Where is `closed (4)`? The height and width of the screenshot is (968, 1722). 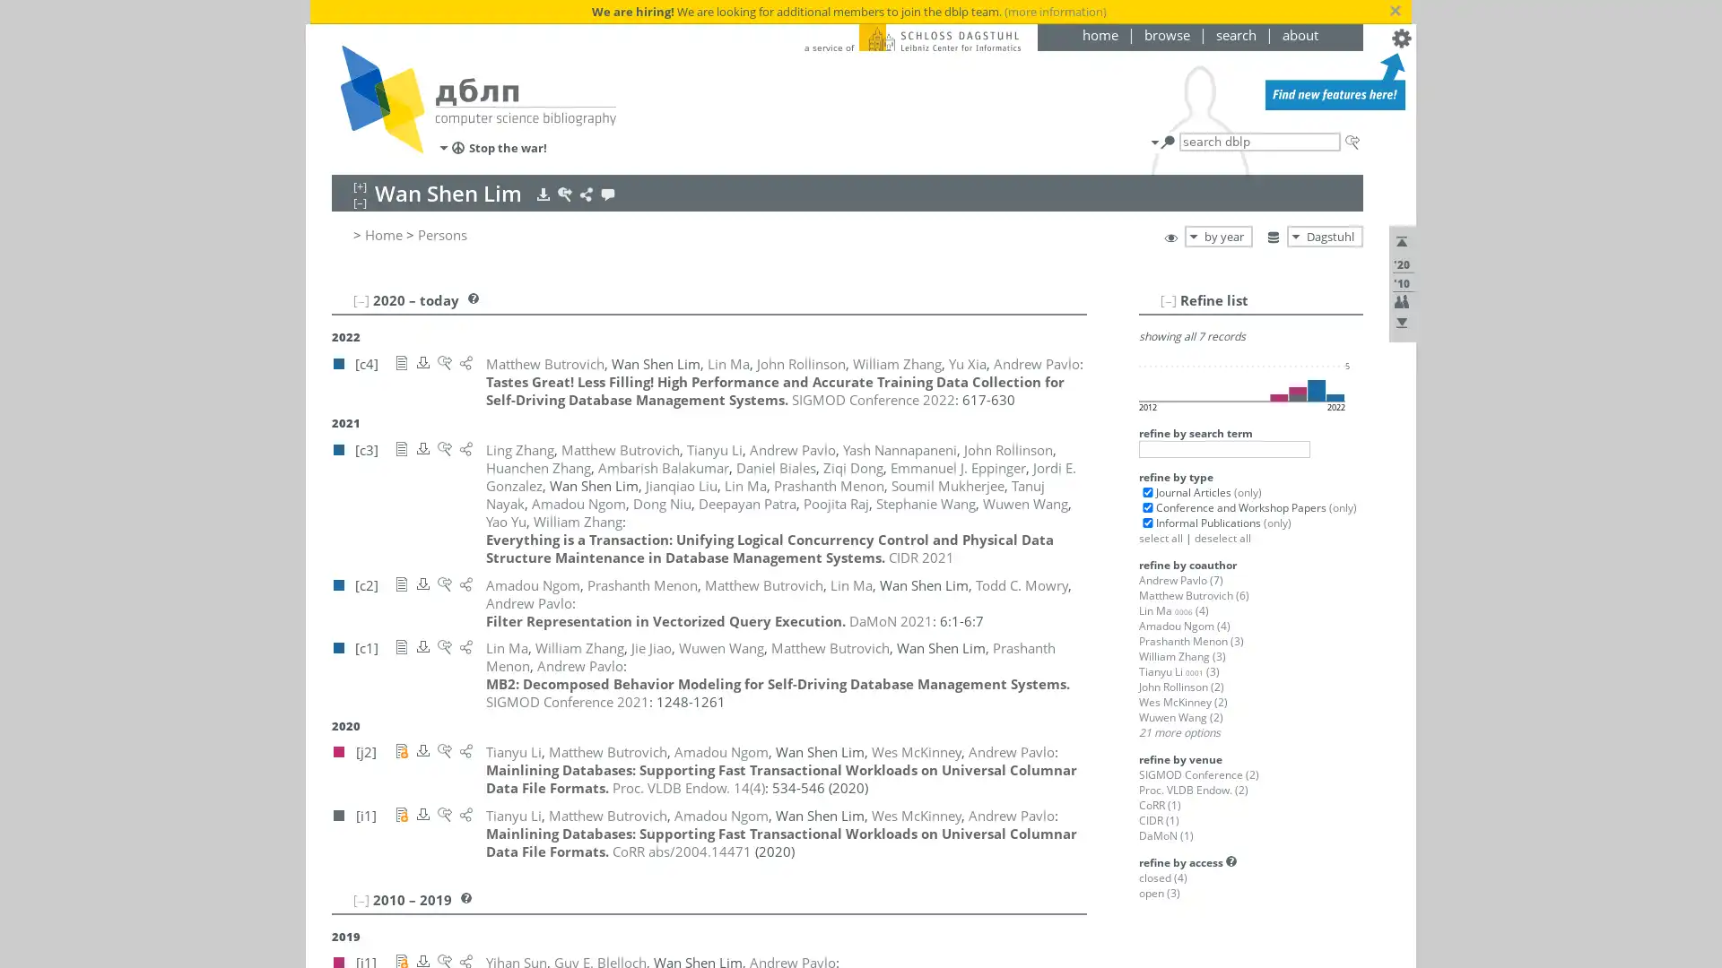 closed (4) is located at coordinates (1162, 877).